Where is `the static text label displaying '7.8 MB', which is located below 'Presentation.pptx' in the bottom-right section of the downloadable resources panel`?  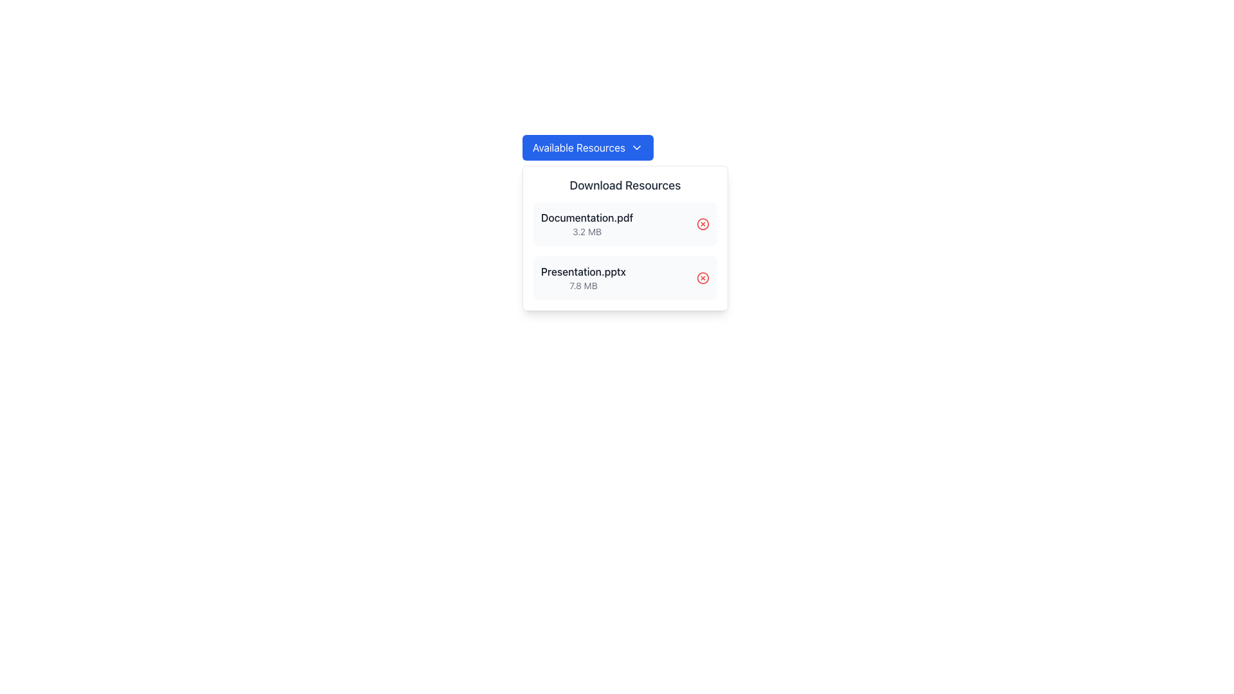 the static text label displaying '7.8 MB', which is located below 'Presentation.pptx' in the bottom-right section of the downloadable resources panel is located at coordinates (582, 285).